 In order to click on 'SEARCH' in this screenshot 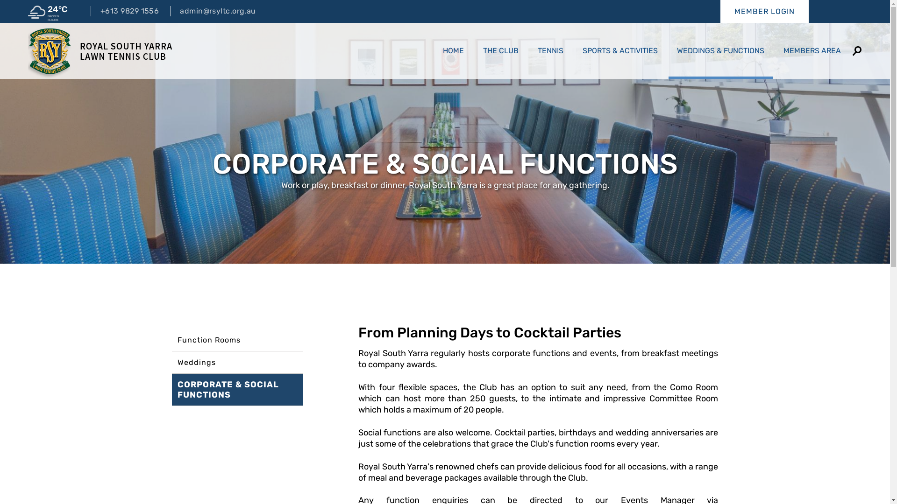, I will do `click(856, 51)`.